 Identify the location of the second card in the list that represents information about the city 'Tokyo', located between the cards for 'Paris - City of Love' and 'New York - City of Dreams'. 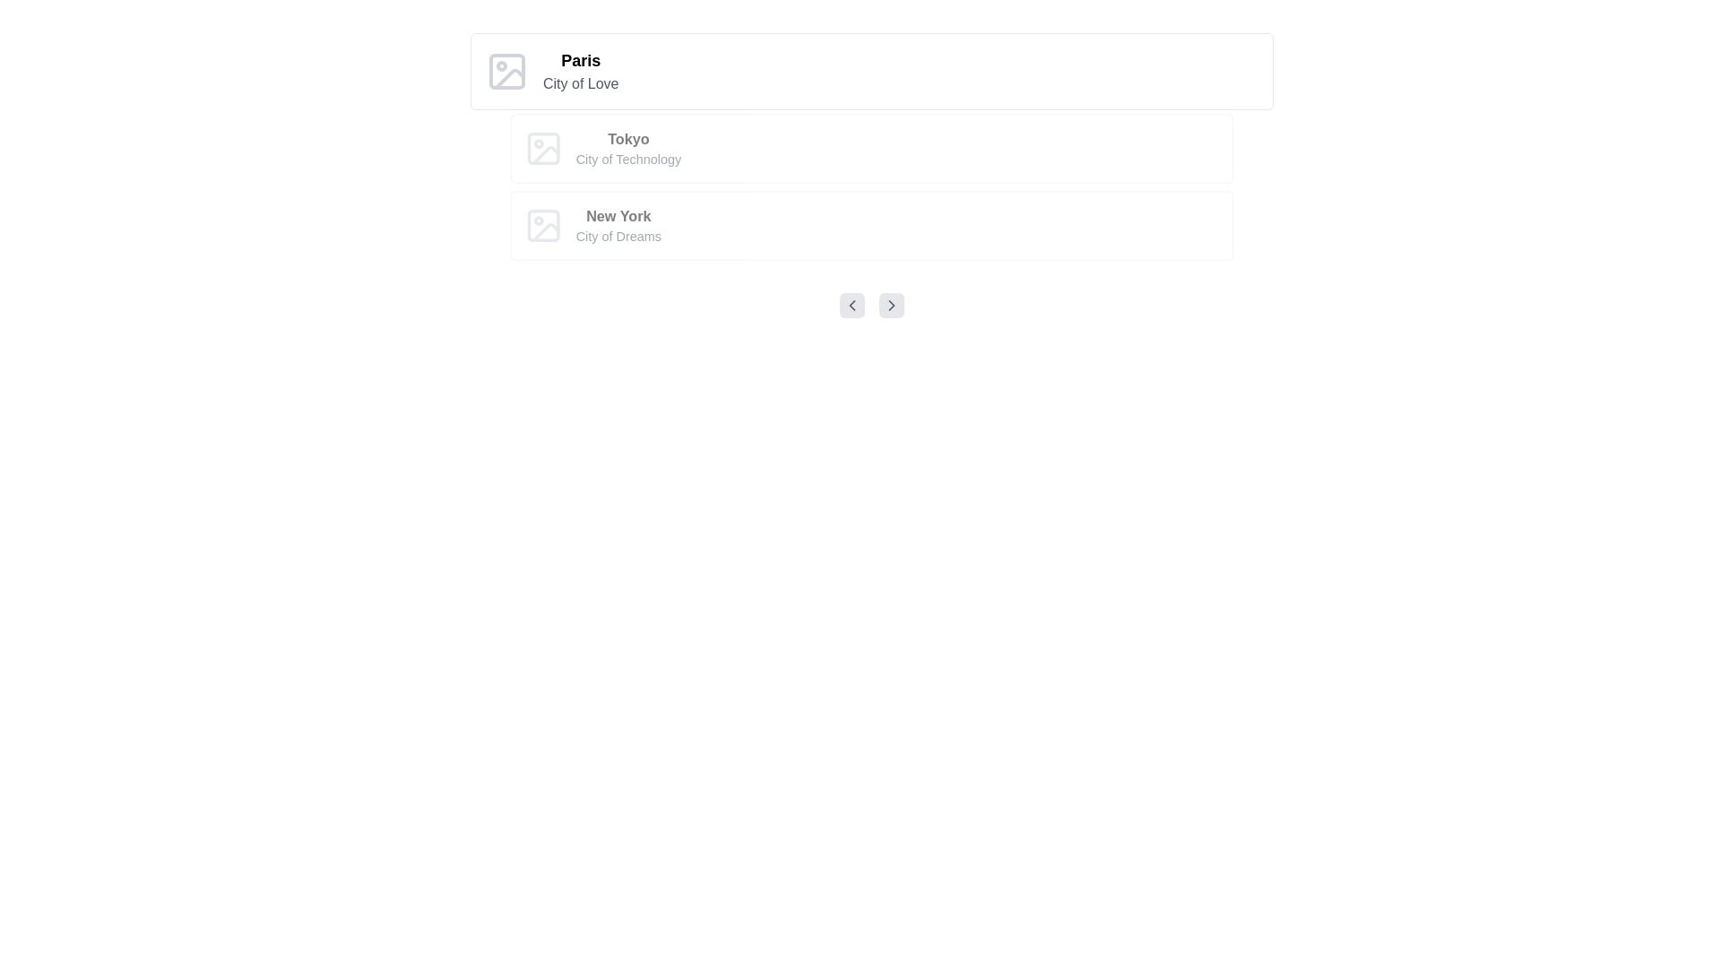
(872, 147).